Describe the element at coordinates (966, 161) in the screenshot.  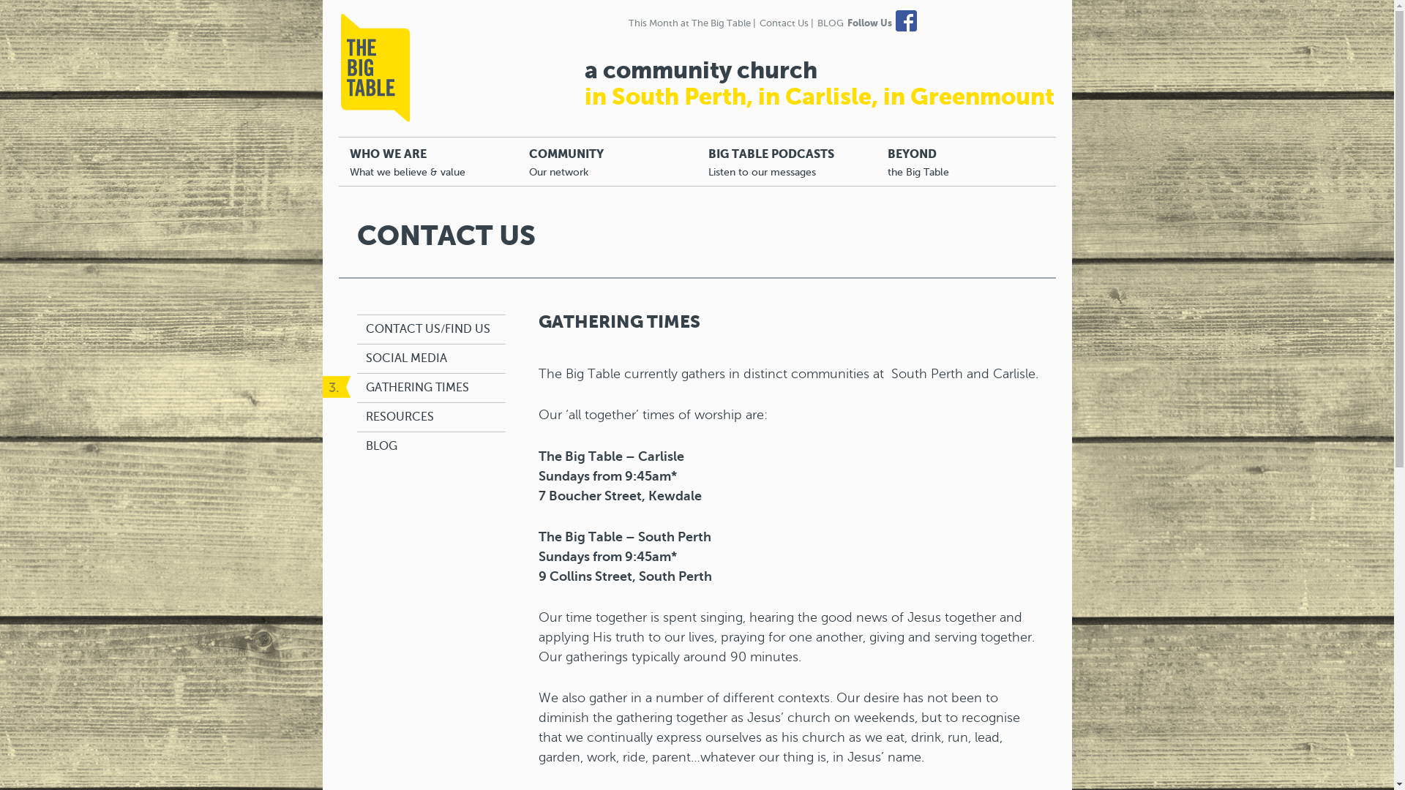
I see `'BEYOND` at that location.